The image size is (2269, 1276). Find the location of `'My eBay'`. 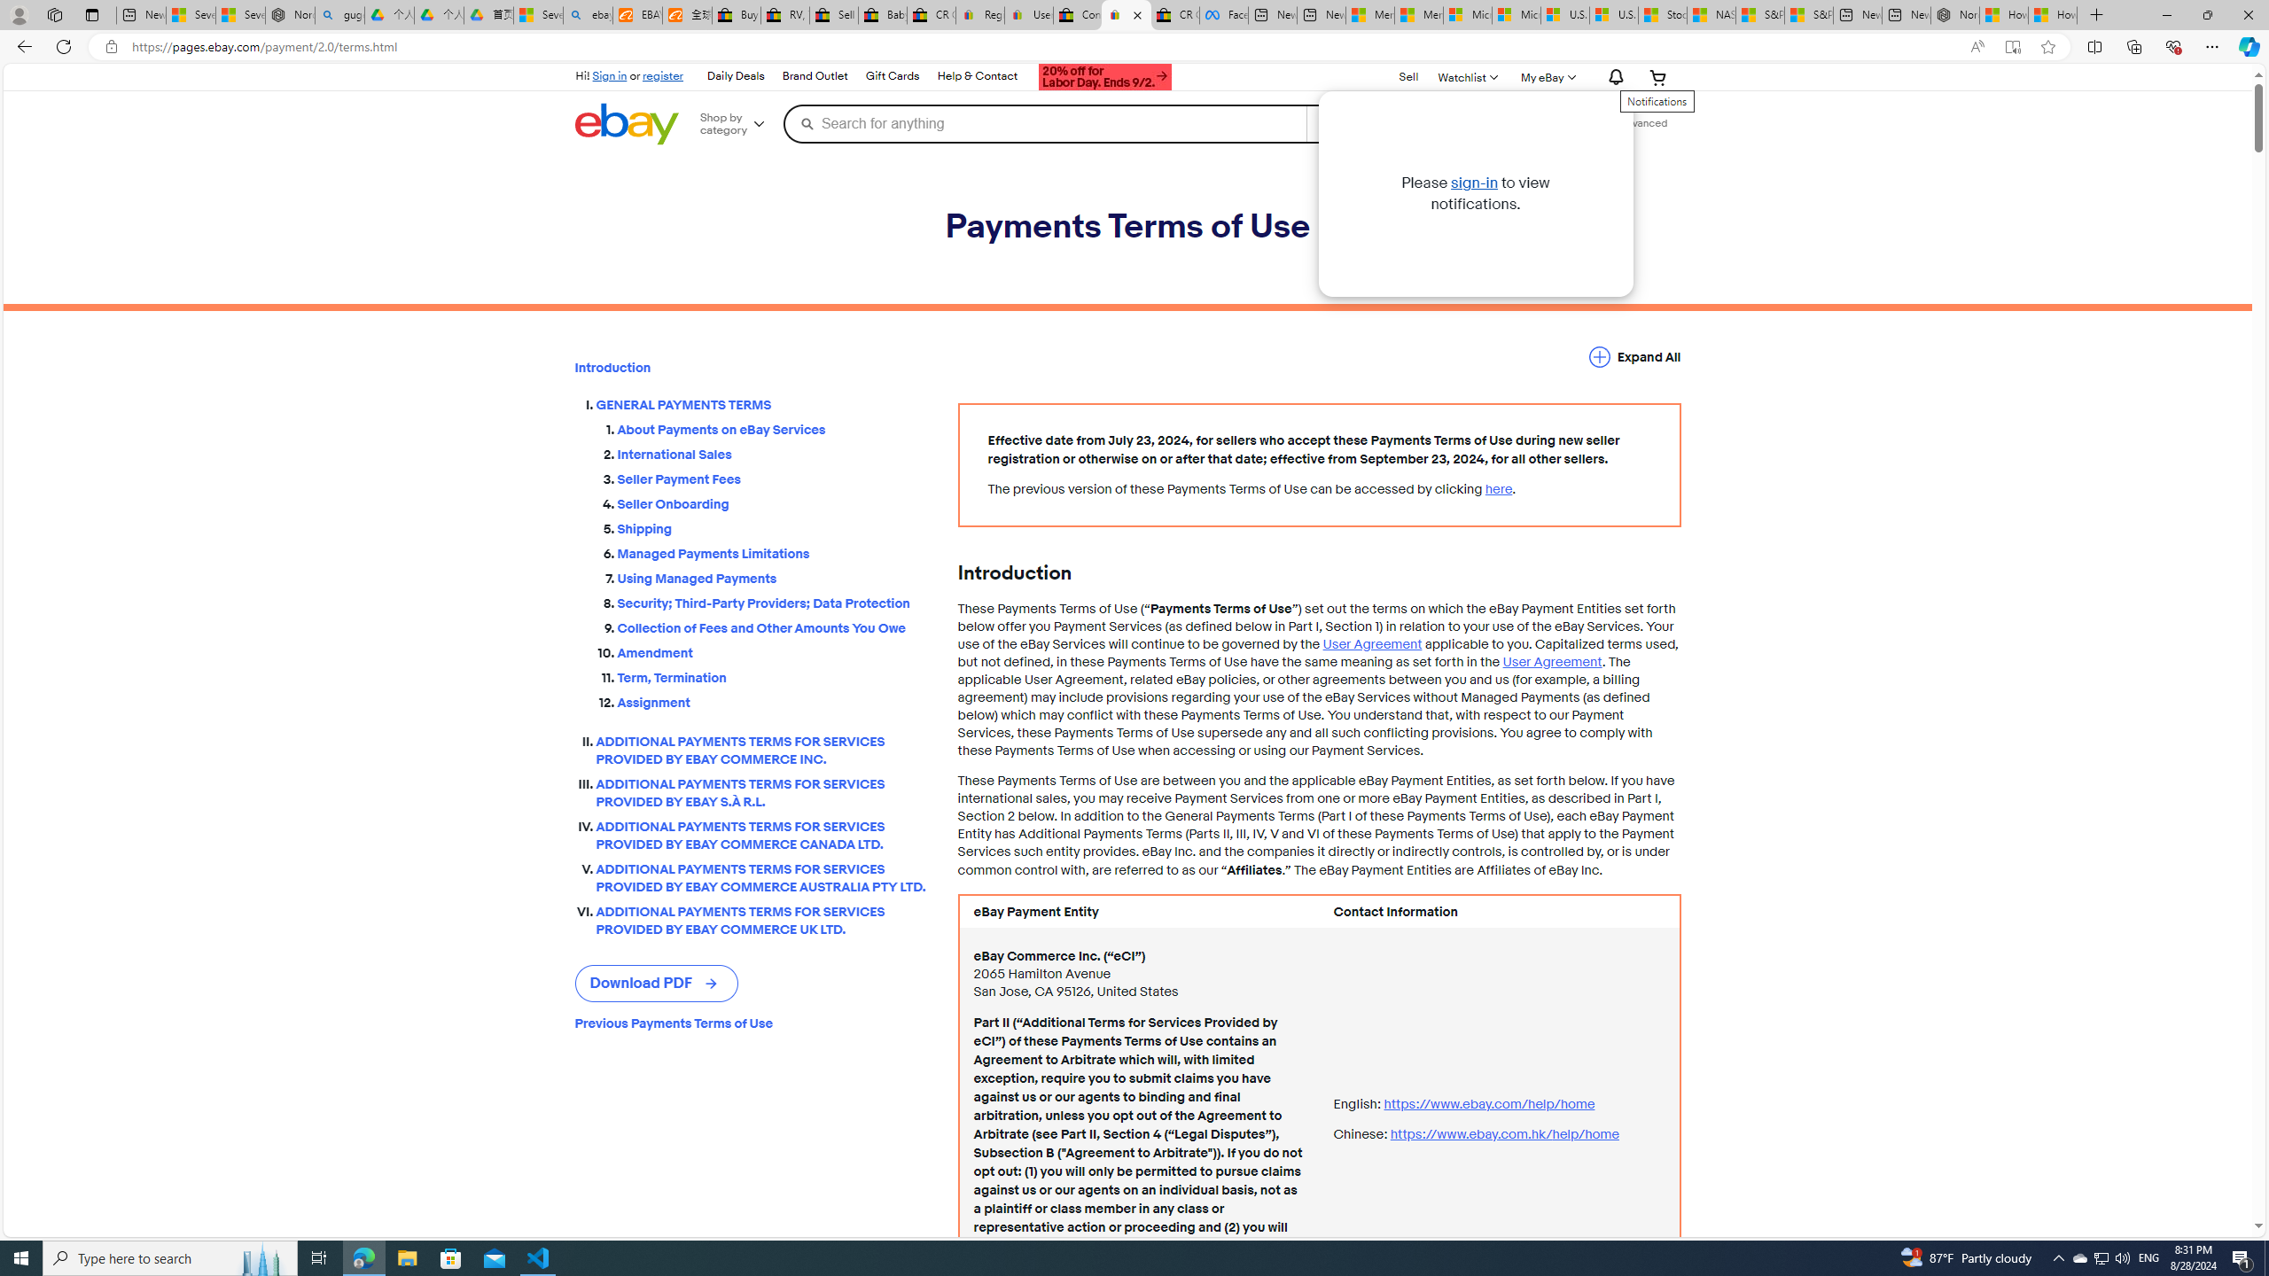

'My eBay' is located at coordinates (1546, 77).